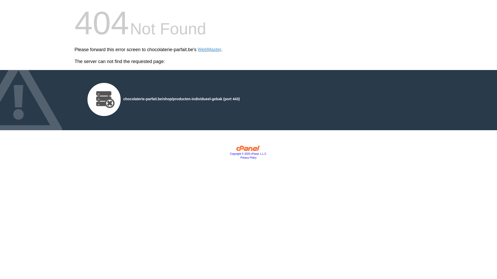 Image resolution: width=497 pixels, height=279 pixels. Describe the element at coordinates (248, 157) in the screenshot. I see `'Privacy Policy'` at that location.